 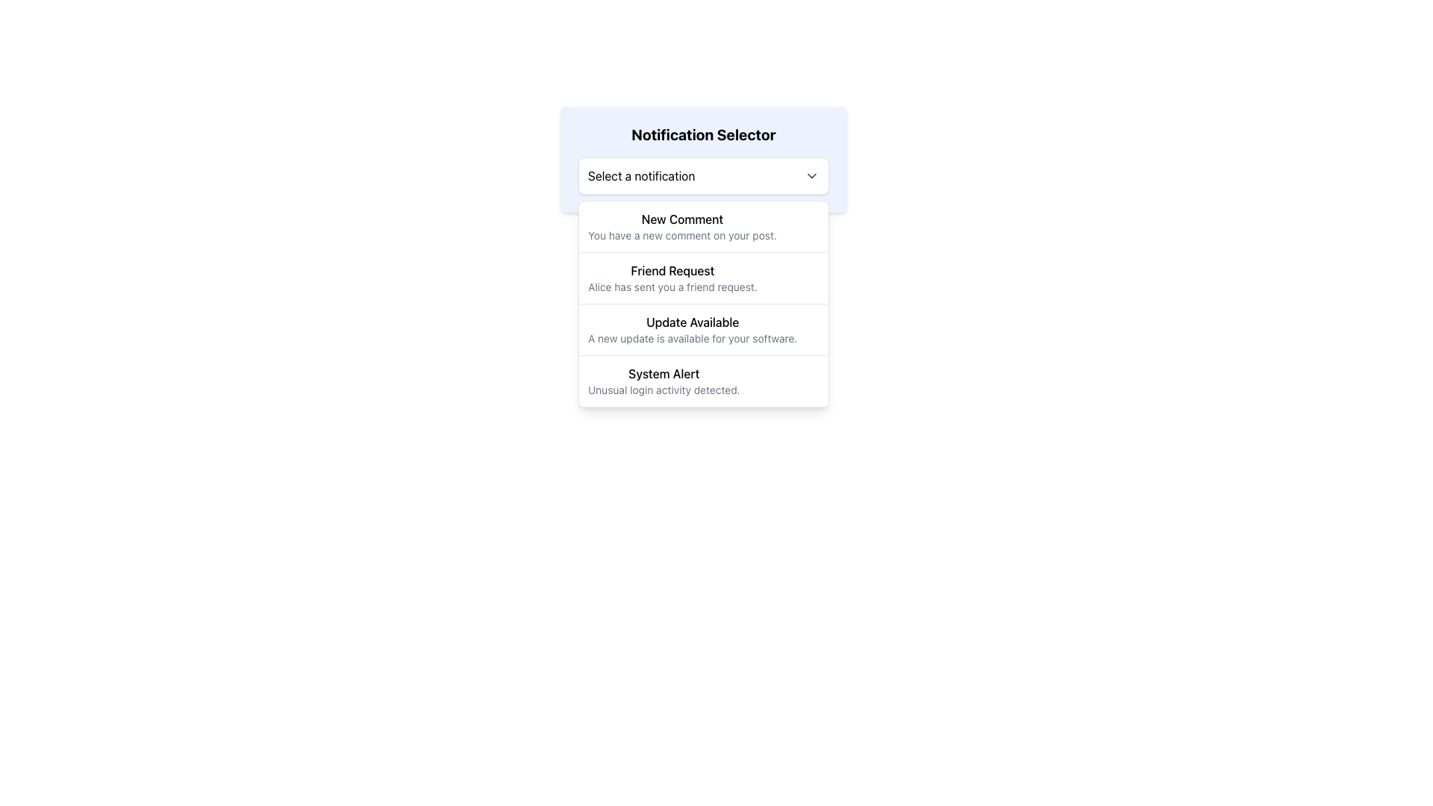 I want to click on the Text Label that indicates additional information about a new comment notification, located directly below the 'New Comment' heading in the top notification card of the 'Notification Selector' component, so click(x=681, y=235).